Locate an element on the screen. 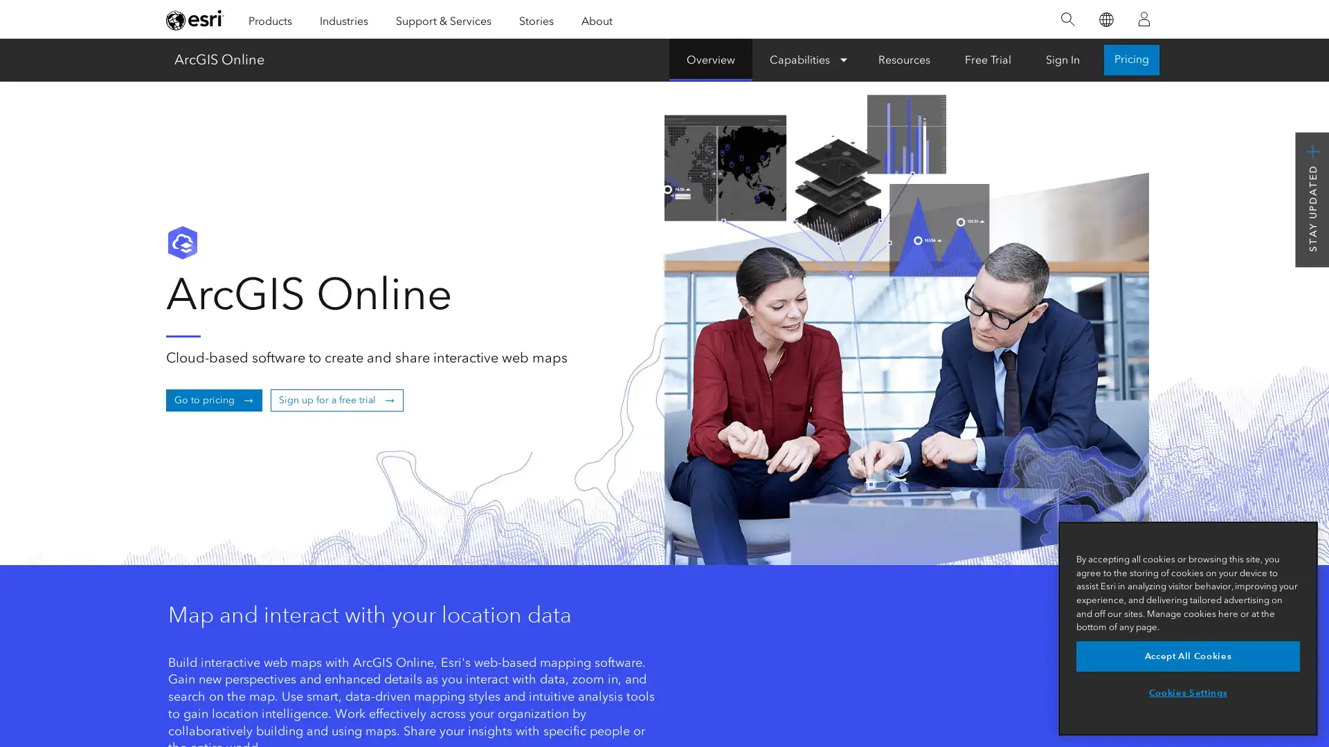 The image size is (1329, 747). Capabilities is located at coordinates (806, 59).